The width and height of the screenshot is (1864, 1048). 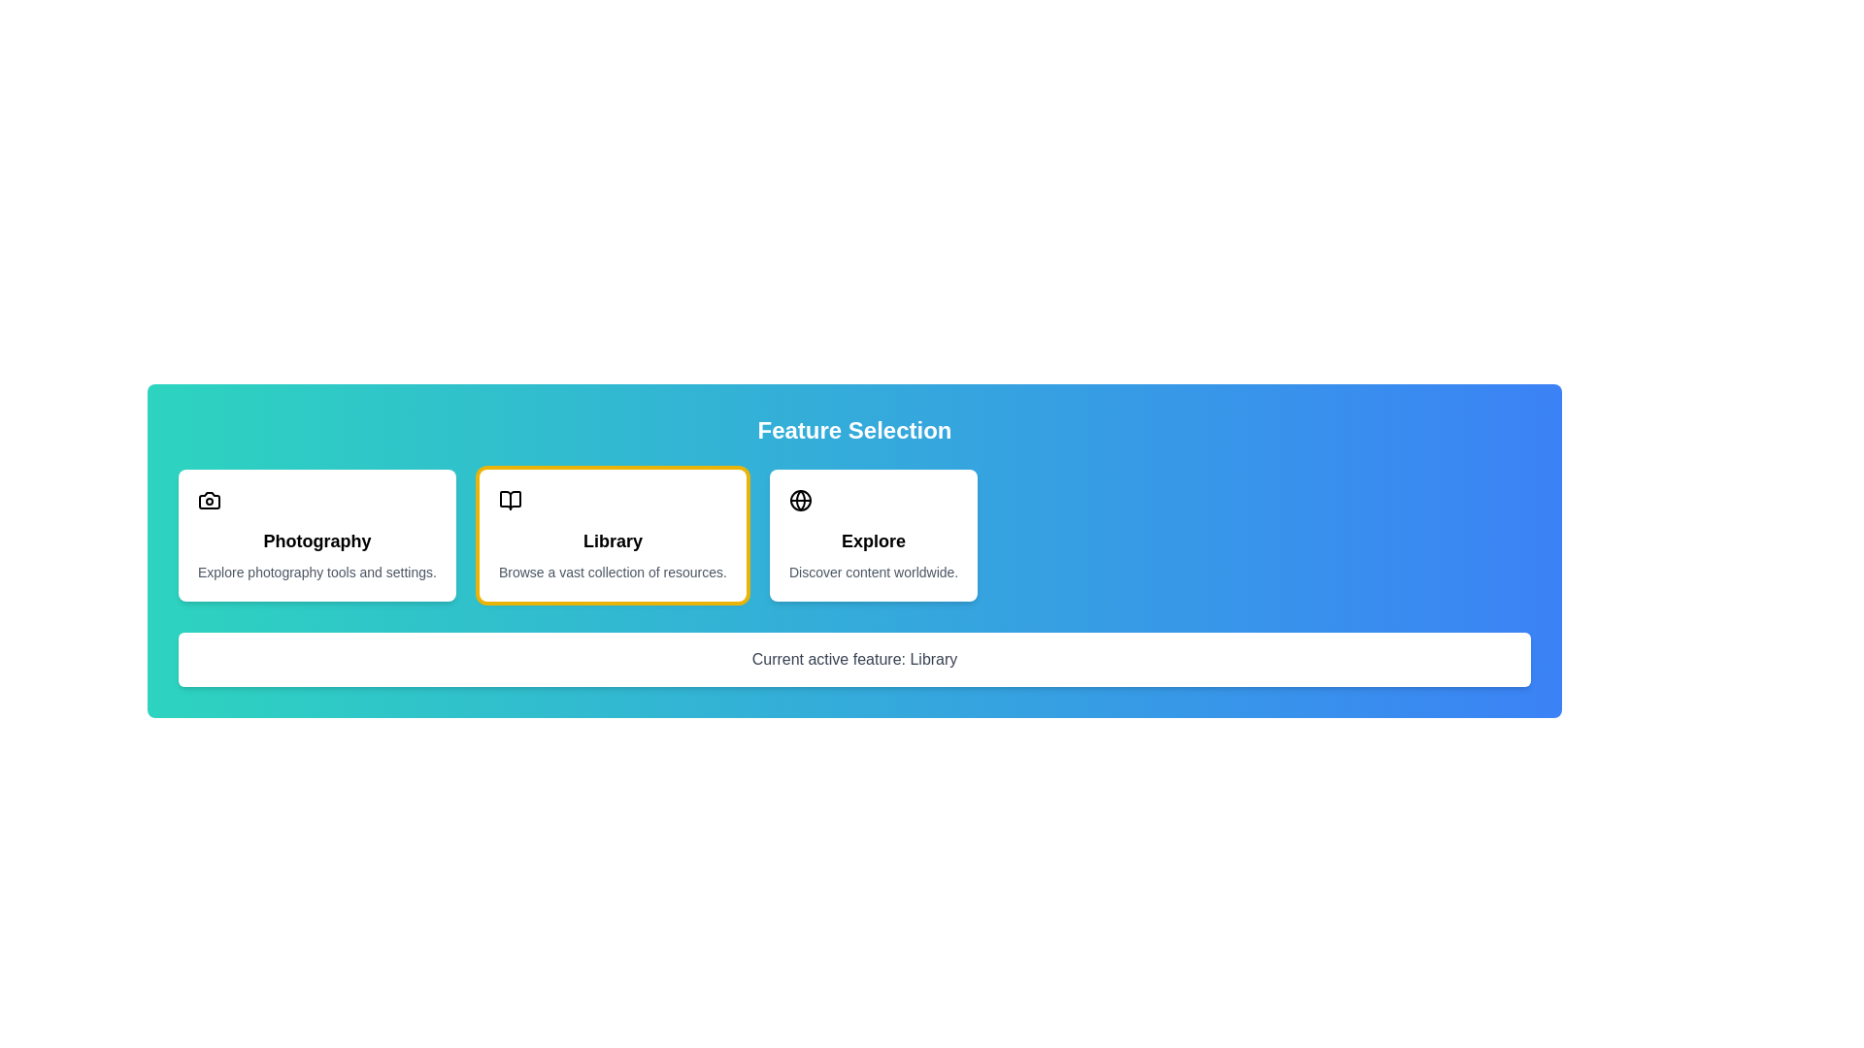 What do you see at coordinates (316, 541) in the screenshot?
I see `the text label displaying 'Photography', which is positioned below a camera icon and above secondary text in the center-left card of the interface` at bounding box center [316, 541].